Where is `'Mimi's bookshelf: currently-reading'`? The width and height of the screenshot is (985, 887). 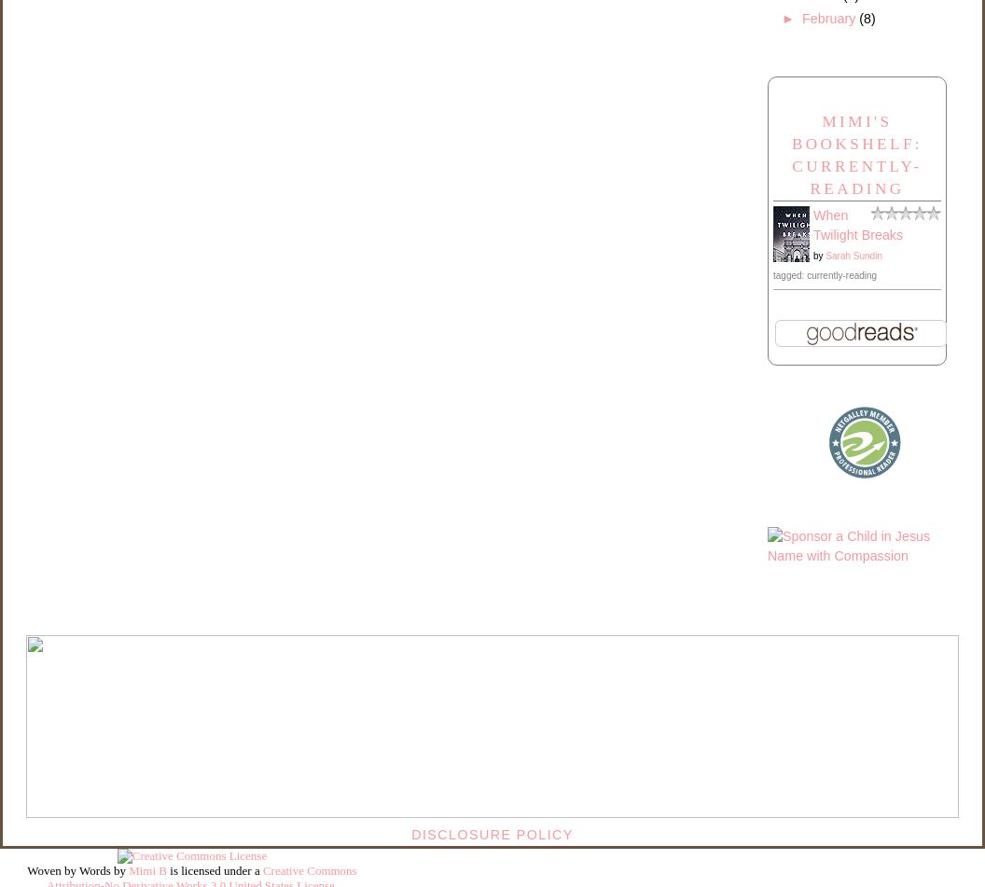 'Mimi's bookshelf: currently-reading' is located at coordinates (855, 154).